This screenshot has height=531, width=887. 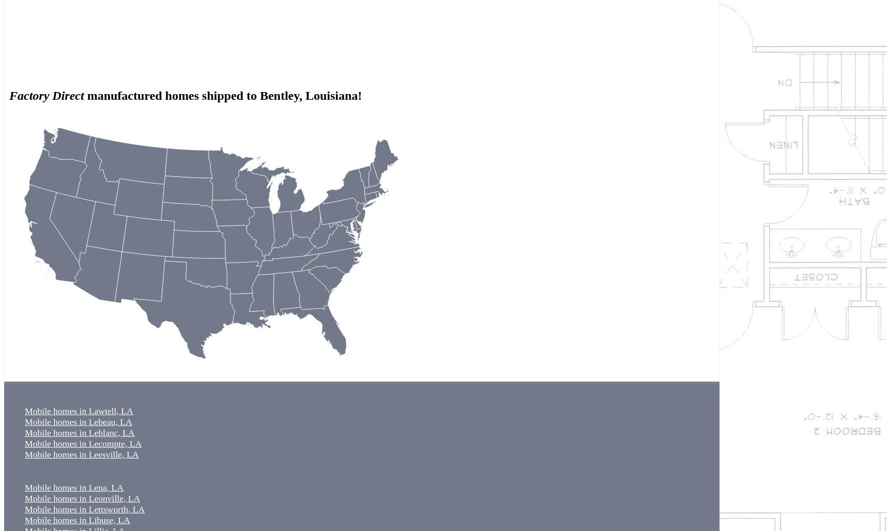 What do you see at coordinates (82, 454) in the screenshot?
I see `'Mobile homes in Leesville, LA'` at bounding box center [82, 454].